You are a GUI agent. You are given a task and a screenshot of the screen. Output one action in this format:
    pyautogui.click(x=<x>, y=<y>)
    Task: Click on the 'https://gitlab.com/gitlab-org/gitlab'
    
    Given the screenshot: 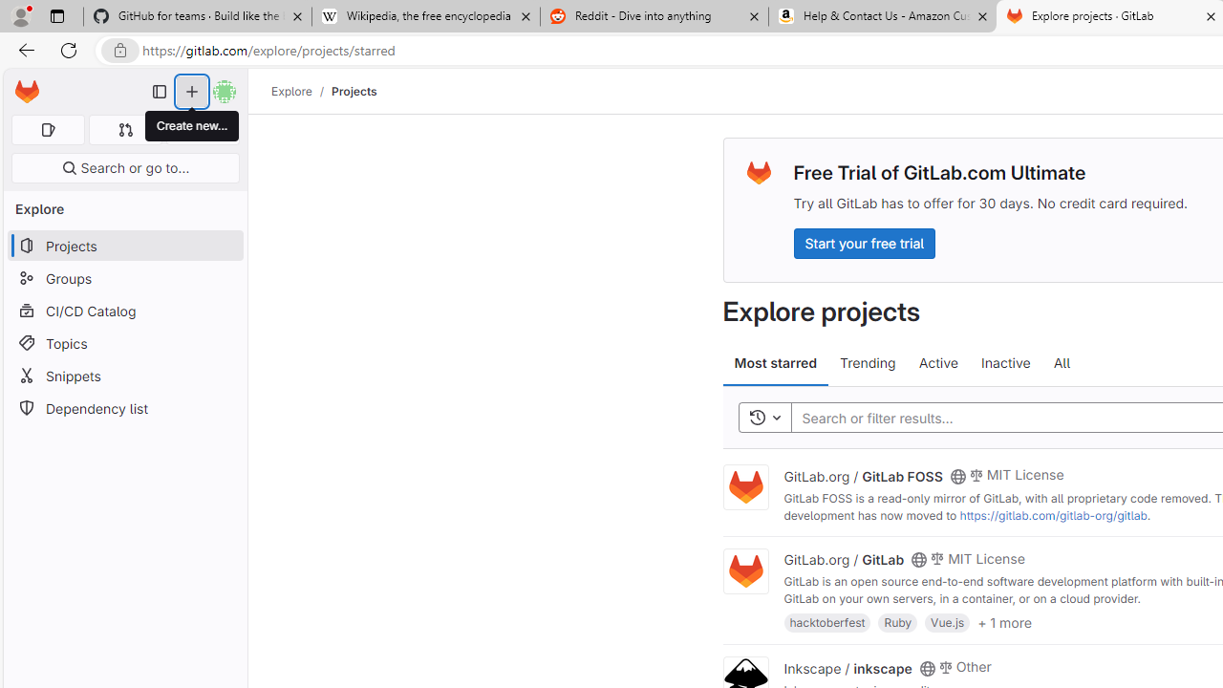 What is the action you would take?
    pyautogui.click(x=1052, y=514)
    